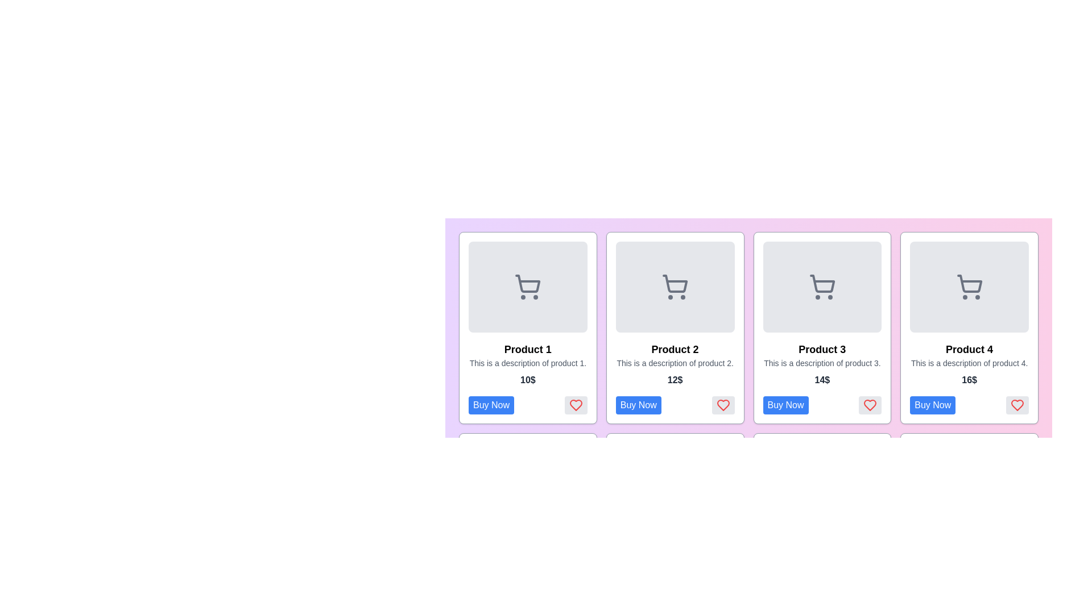  Describe the element at coordinates (1017, 405) in the screenshot. I see `the Icon Button located in the bottom-right section of the fourth product card` at that location.